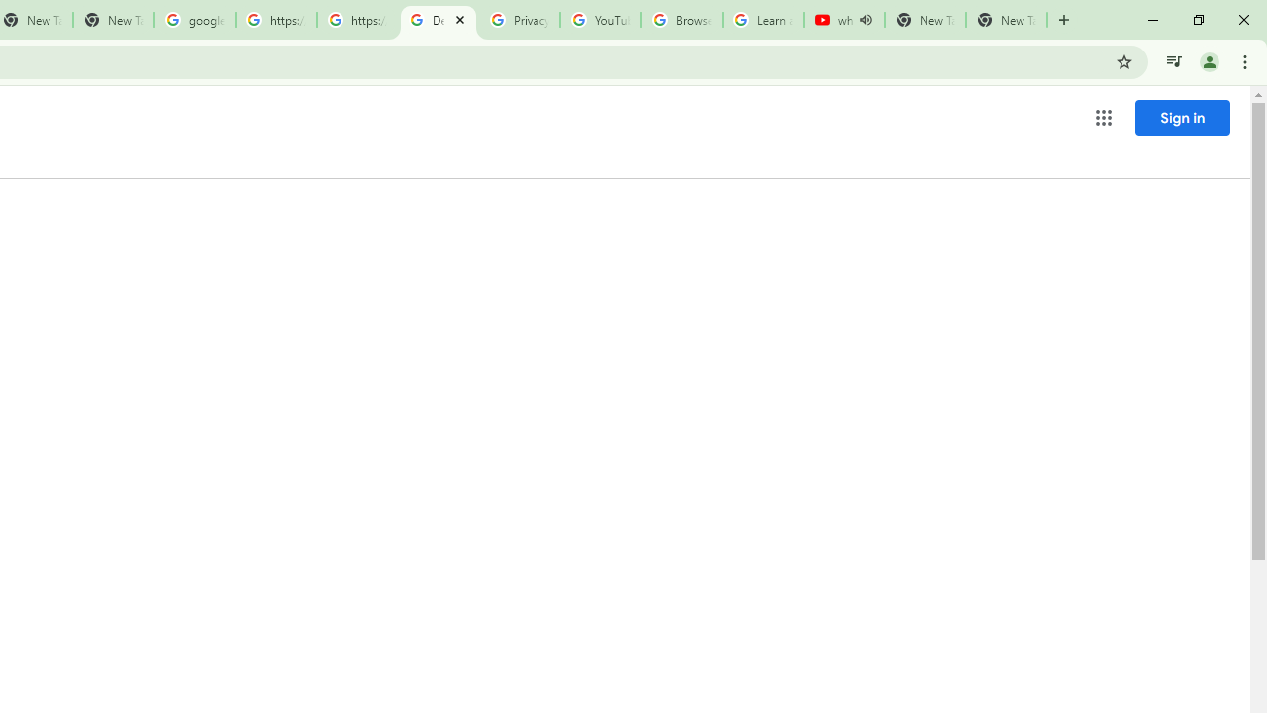 The image size is (1267, 713). I want to click on 'https://scholar.google.com/', so click(275, 20).